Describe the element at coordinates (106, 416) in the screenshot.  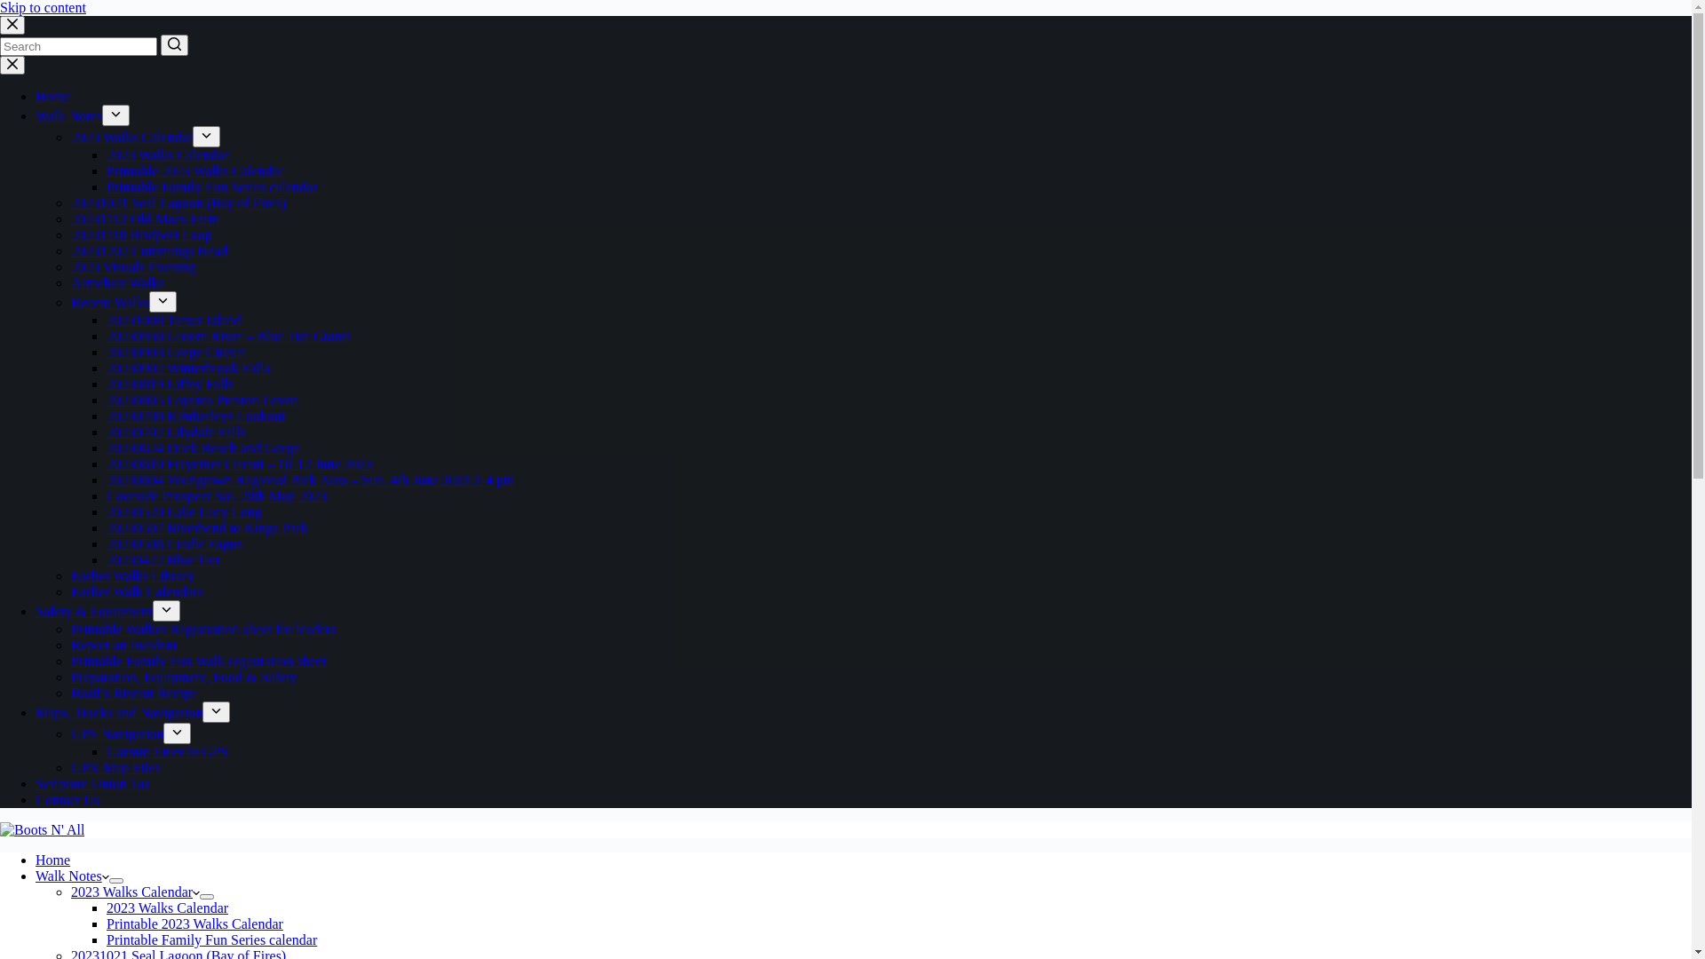
I see `'20230708 Kimberleys Lookout'` at that location.